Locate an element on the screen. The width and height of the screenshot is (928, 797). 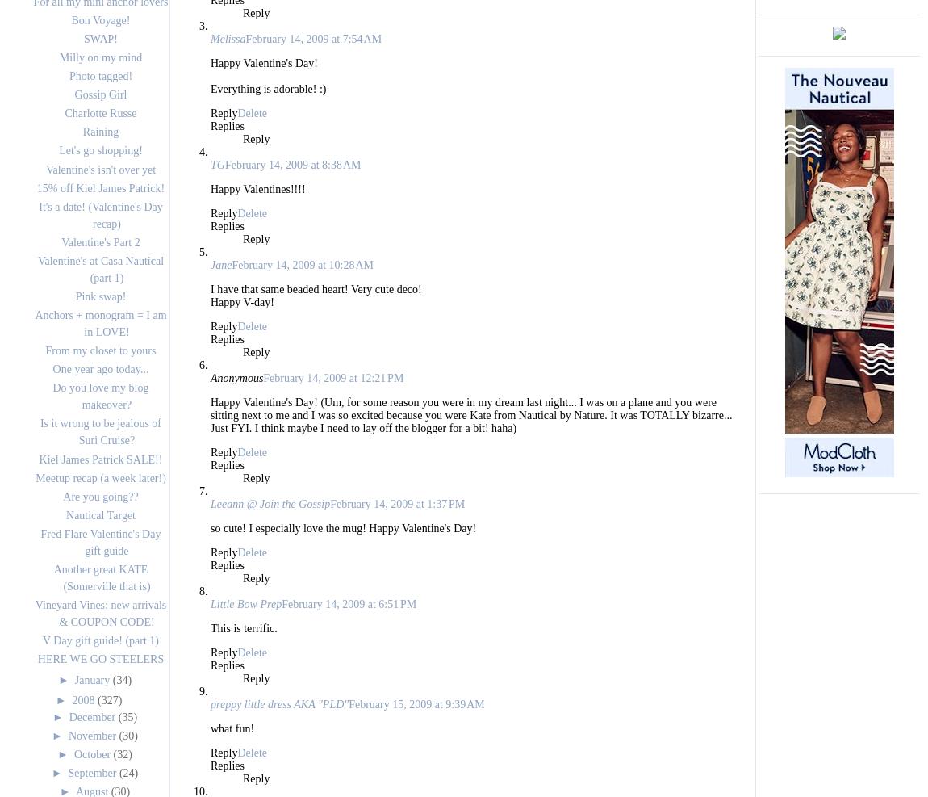
'Gossip Girl' is located at coordinates (99, 94).